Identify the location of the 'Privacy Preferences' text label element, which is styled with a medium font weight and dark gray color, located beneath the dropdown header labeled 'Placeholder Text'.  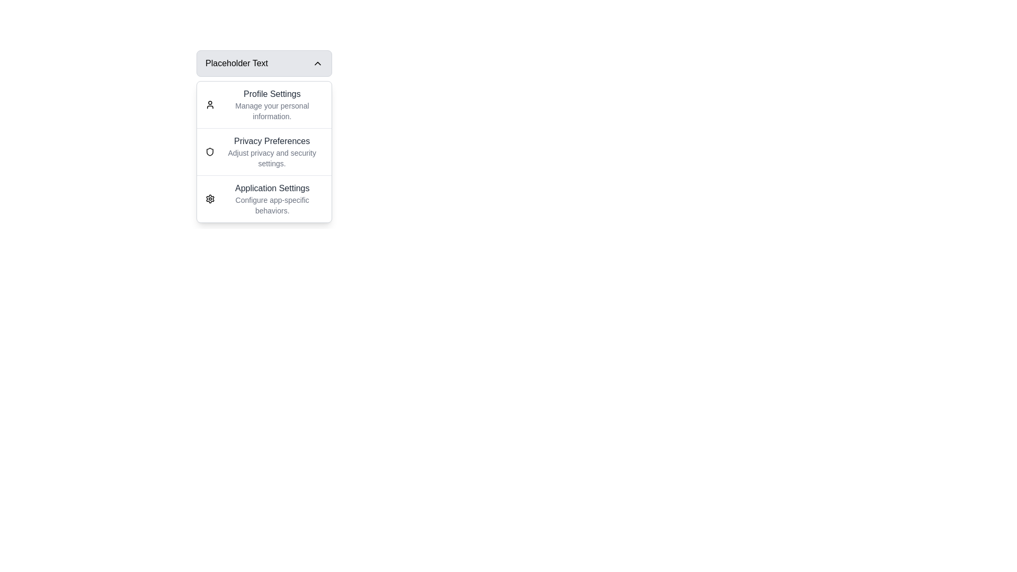
(272, 140).